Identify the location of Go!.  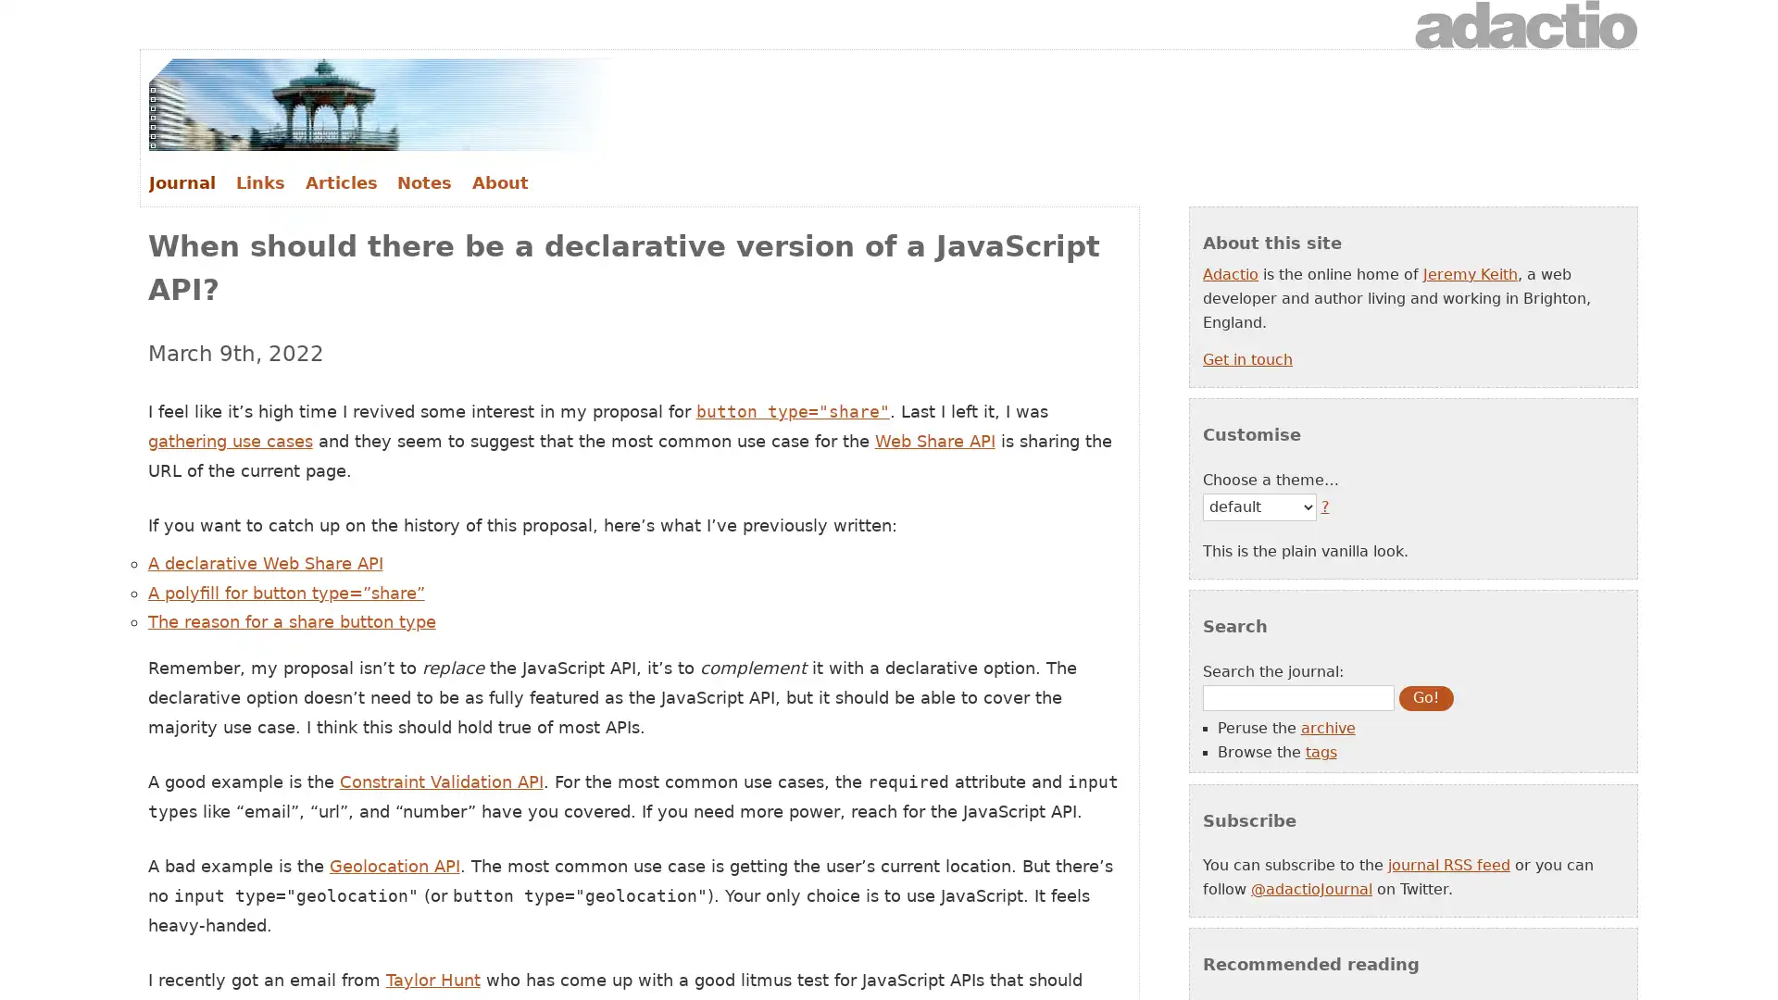
(1424, 697).